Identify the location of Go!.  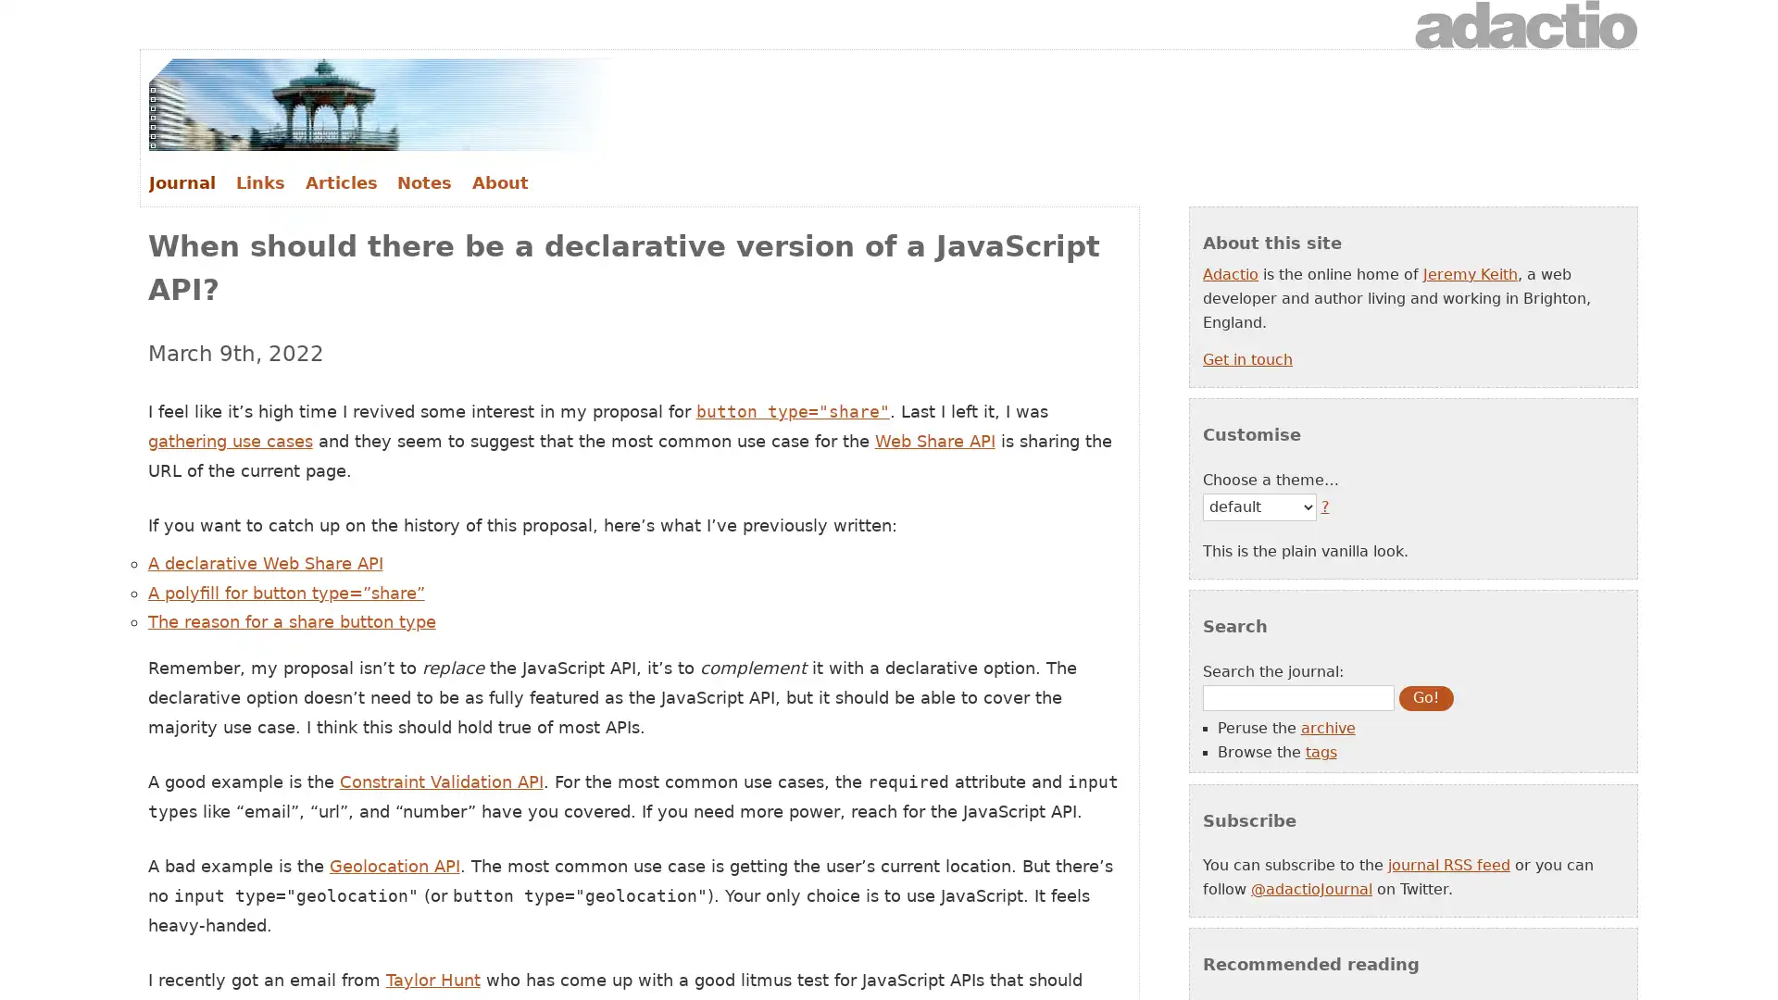
(1424, 697).